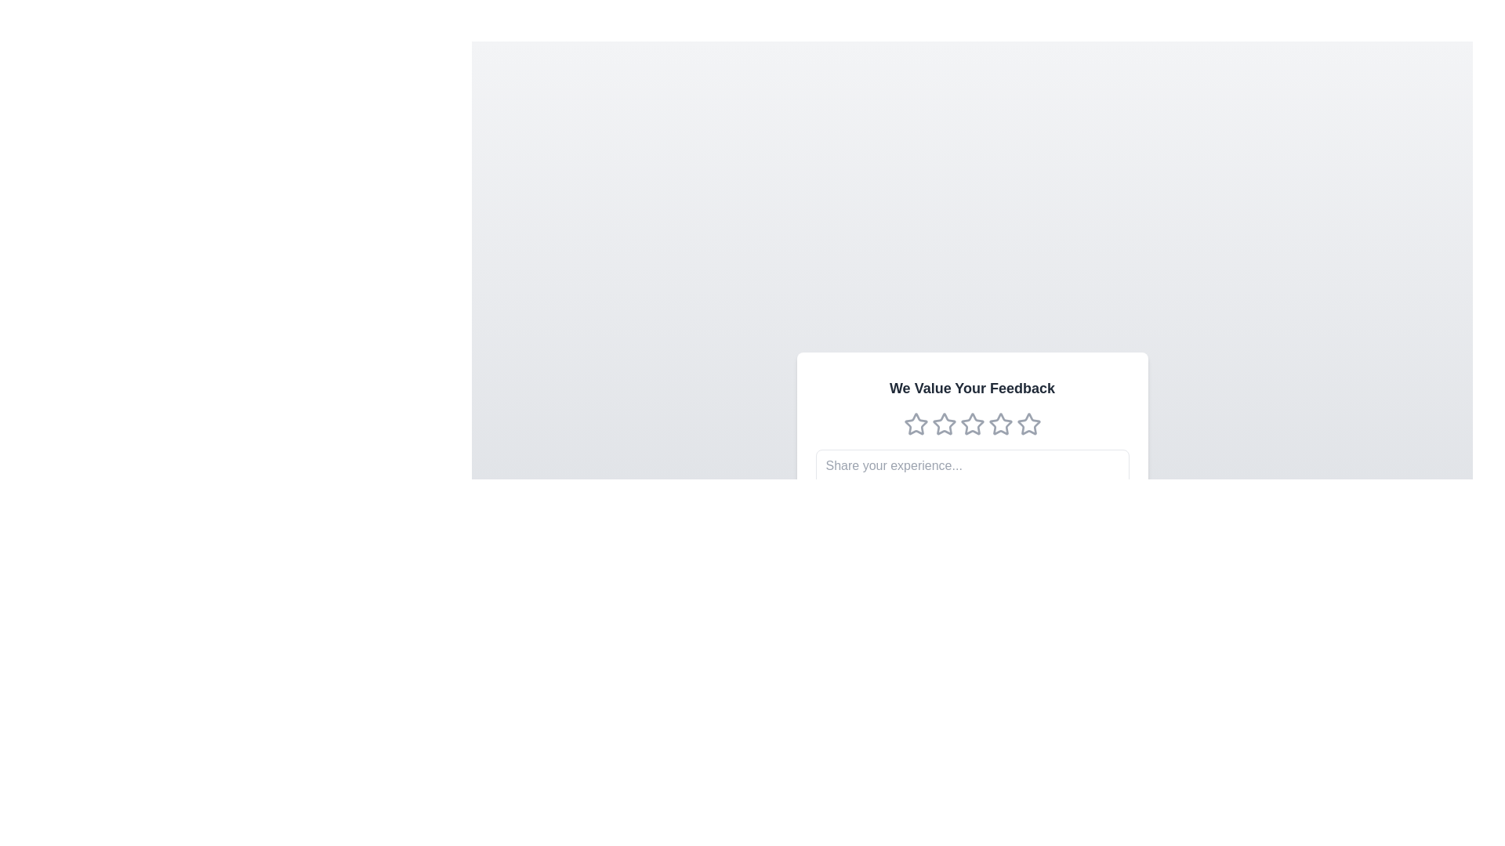 This screenshot has width=1505, height=846. Describe the element at coordinates (970, 423) in the screenshot. I see `the third star-shaped icon in the rating system` at that location.